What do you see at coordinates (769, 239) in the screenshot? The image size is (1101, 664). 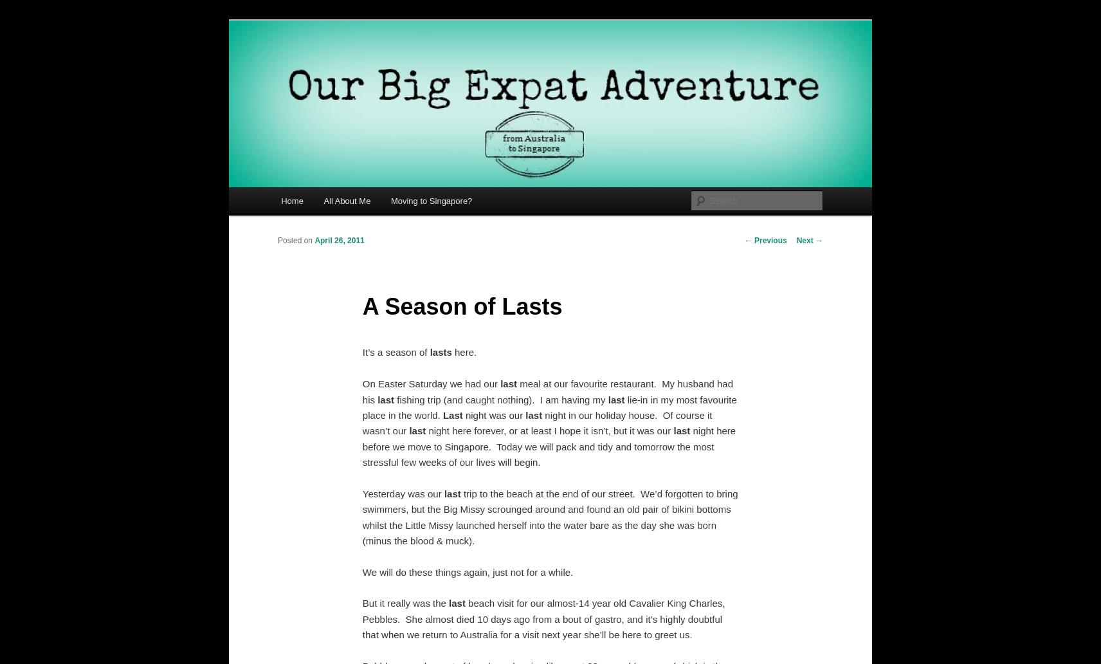 I see `'Previous'` at bounding box center [769, 239].